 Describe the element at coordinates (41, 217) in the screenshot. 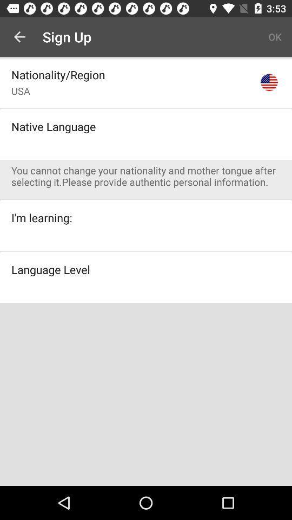

I see `the i'm learning: icon` at that location.